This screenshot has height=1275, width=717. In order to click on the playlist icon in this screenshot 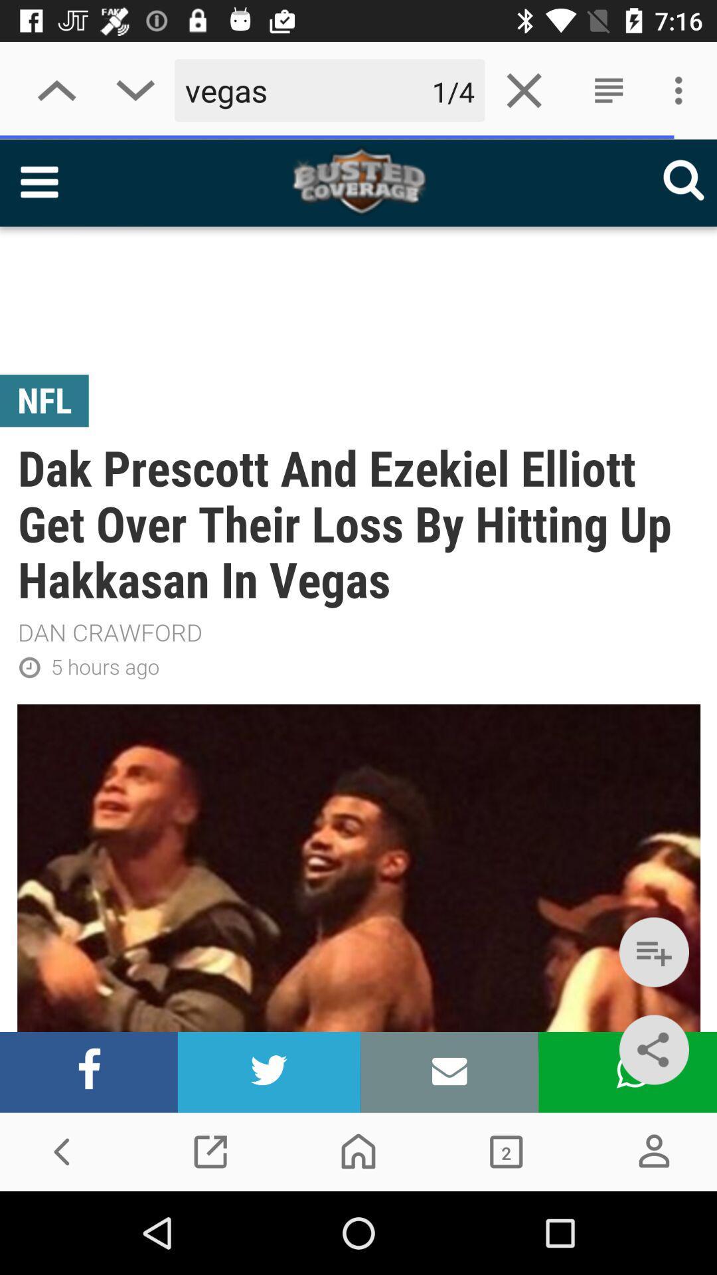, I will do `click(653, 952)`.